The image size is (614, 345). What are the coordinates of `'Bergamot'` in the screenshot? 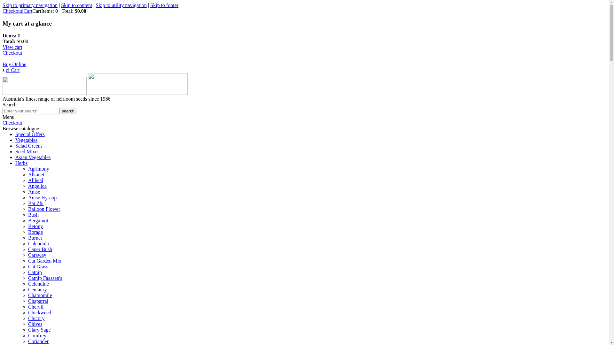 It's located at (38, 220).